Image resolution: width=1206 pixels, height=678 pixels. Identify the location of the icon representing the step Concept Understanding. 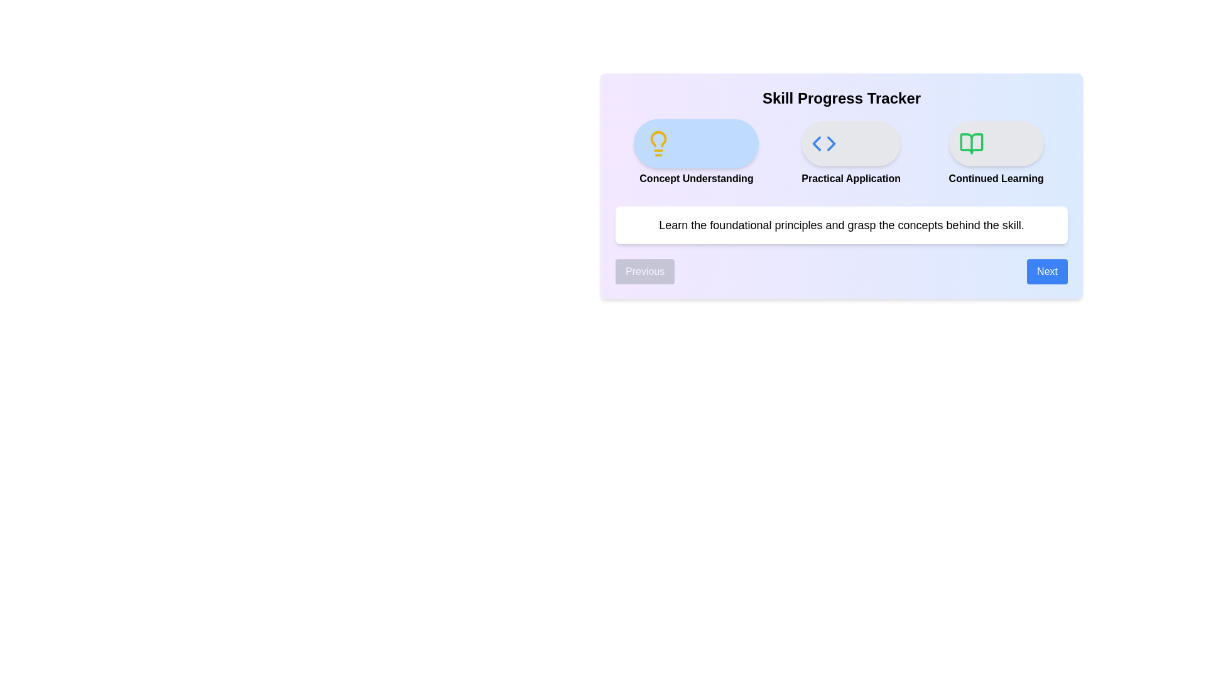
(695, 143).